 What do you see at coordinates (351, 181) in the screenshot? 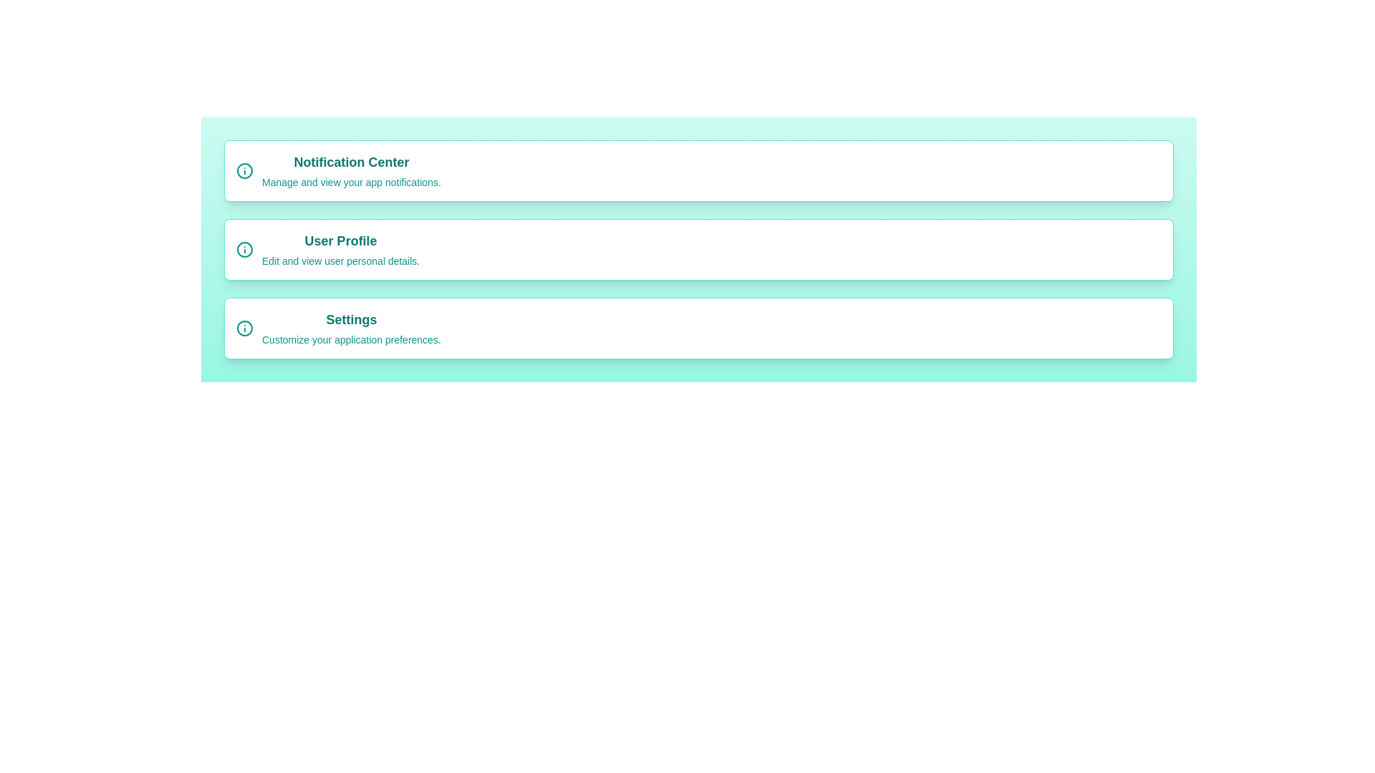
I see `the text label reading 'Manage and view your app notifications.' which is styled in teal font and is located below the 'Notification Center' heading within the first card component` at bounding box center [351, 181].